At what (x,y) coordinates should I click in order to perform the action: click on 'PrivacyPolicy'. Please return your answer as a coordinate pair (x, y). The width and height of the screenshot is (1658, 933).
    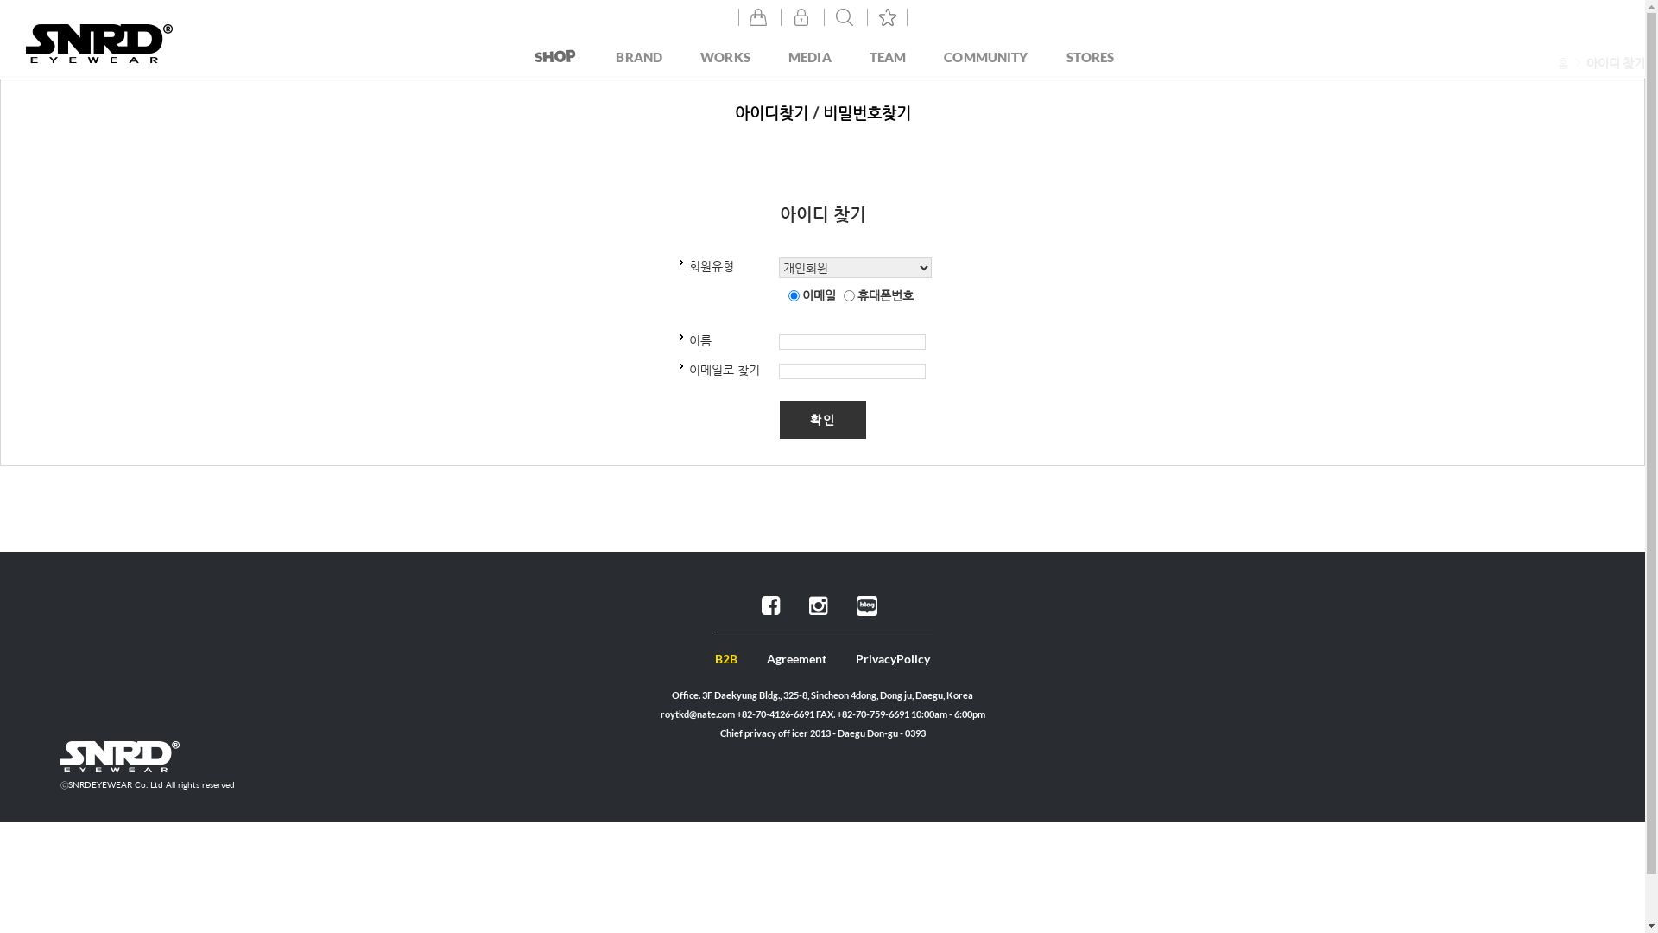
    Looking at the image, I should click on (892, 658).